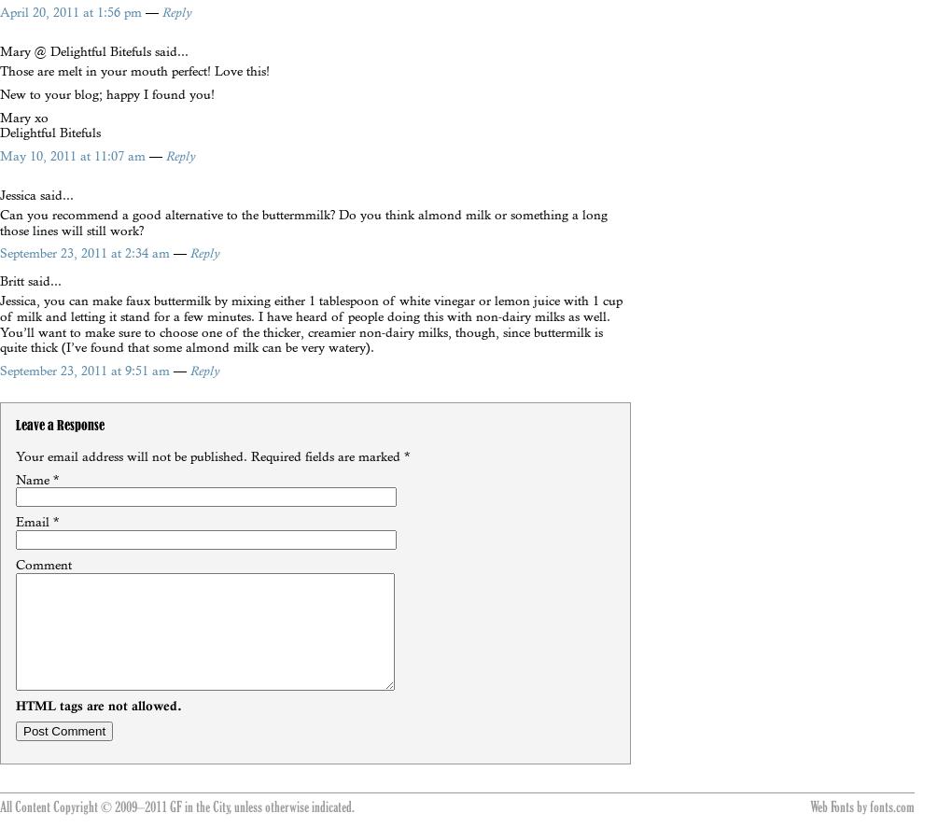 The image size is (938, 827). What do you see at coordinates (0, 69) in the screenshot?
I see `'Those are melt in your mouth perfect! Love this!'` at bounding box center [0, 69].